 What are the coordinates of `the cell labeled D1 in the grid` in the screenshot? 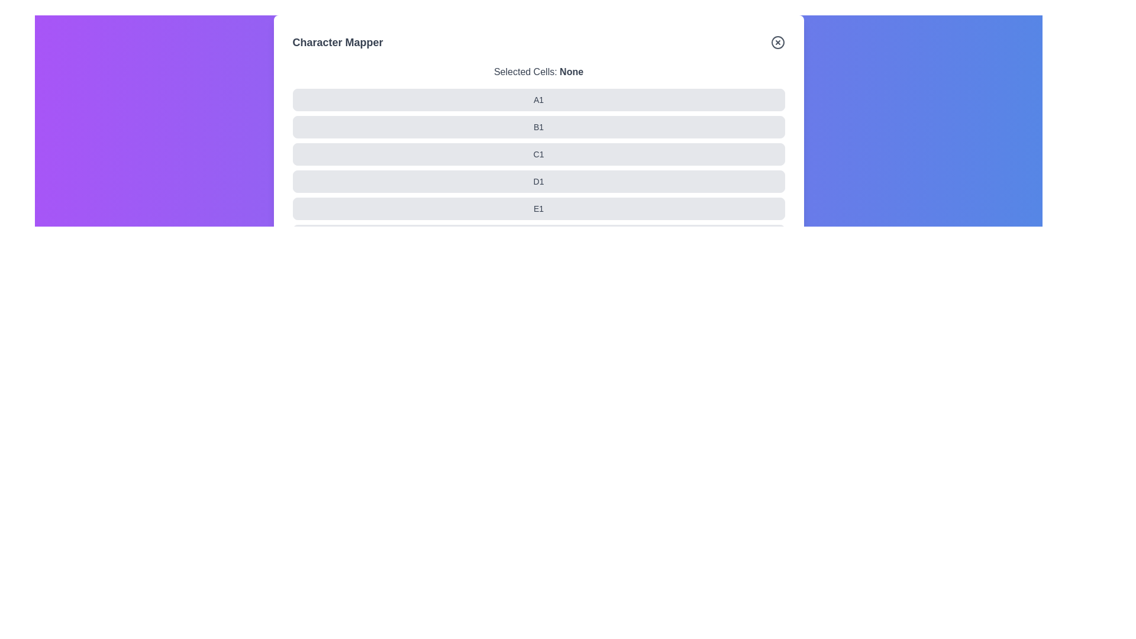 It's located at (292, 182).